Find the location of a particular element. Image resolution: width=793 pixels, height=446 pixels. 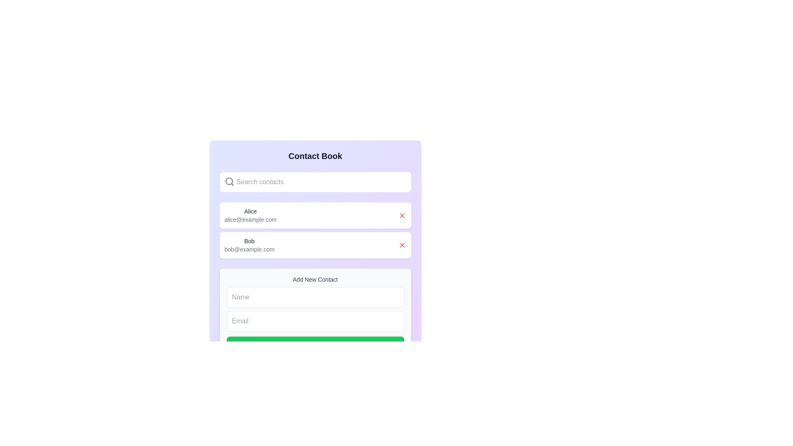

the section header text label indicating the purpose of adding a new contact, which is positioned above the input fields for 'Name' and 'Email' is located at coordinates (315, 279).